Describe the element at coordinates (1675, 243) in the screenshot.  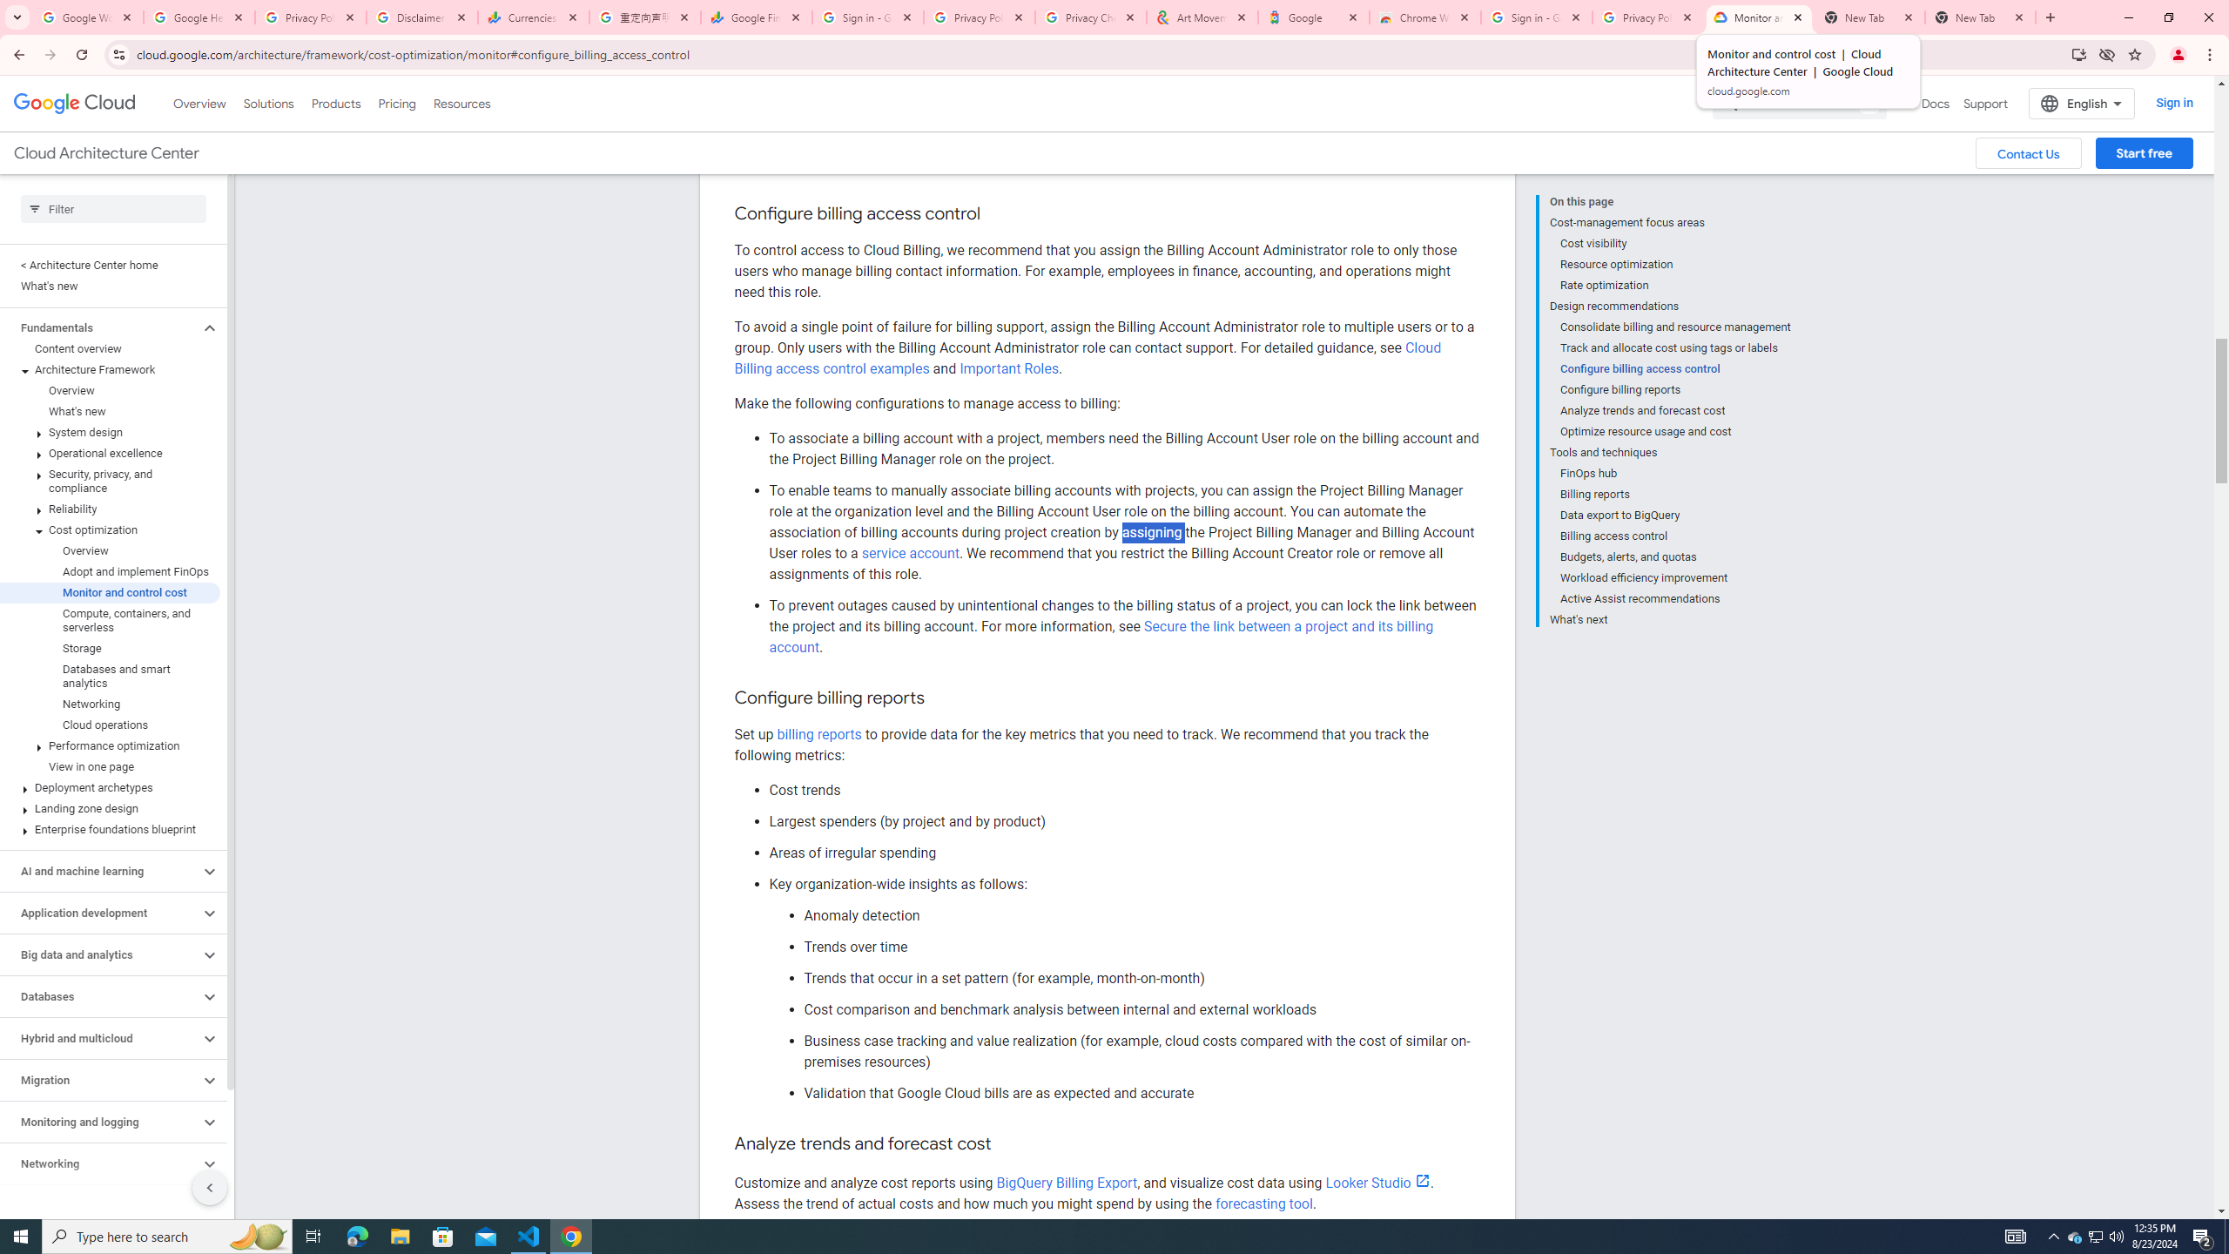
I see `'Cost visibility'` at that location.